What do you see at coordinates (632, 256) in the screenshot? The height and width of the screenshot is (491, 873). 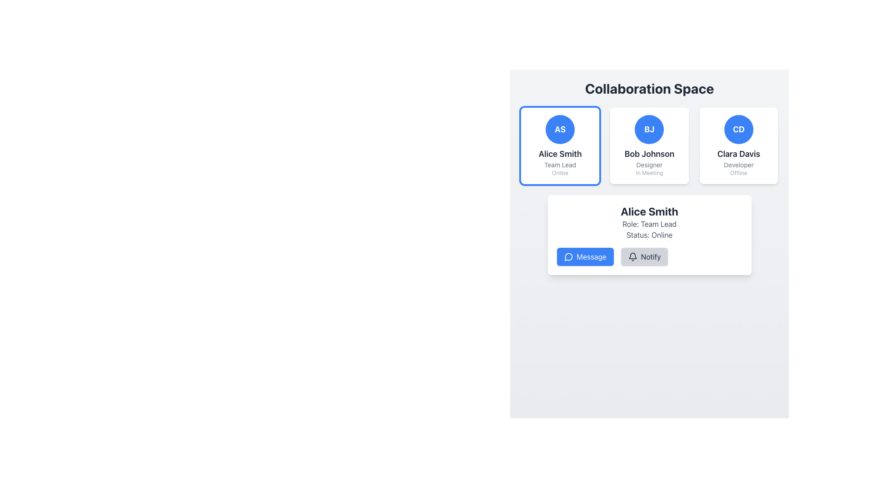 I see `the 'Notify' button` at bounding box center [632, 256].